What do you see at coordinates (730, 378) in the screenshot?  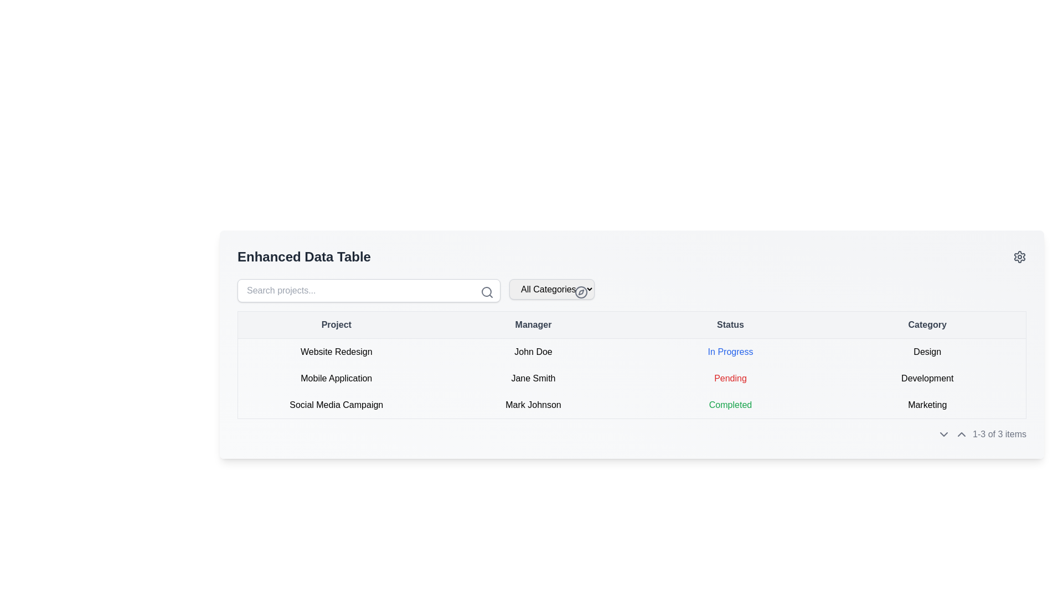 I see `the 'Pending' text label, which is styled in bold red text and located in the third column of the second row under the 'Status' header for the 'Mobile Application' project managed by 'Jane Smith.'` at bounding box center [730, 378].